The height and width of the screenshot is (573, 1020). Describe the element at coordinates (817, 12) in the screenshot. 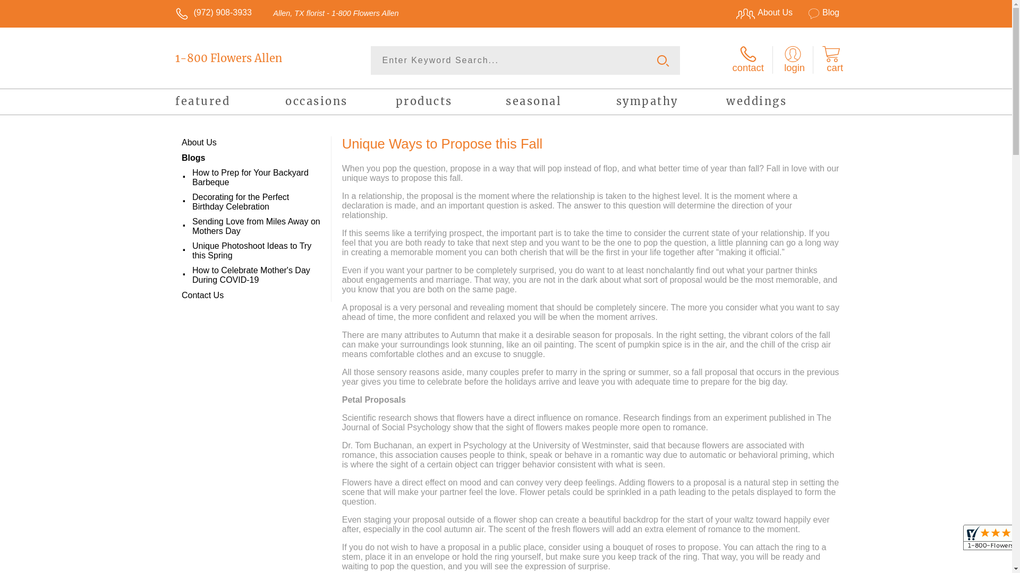

I see `'Blog'` at that location.